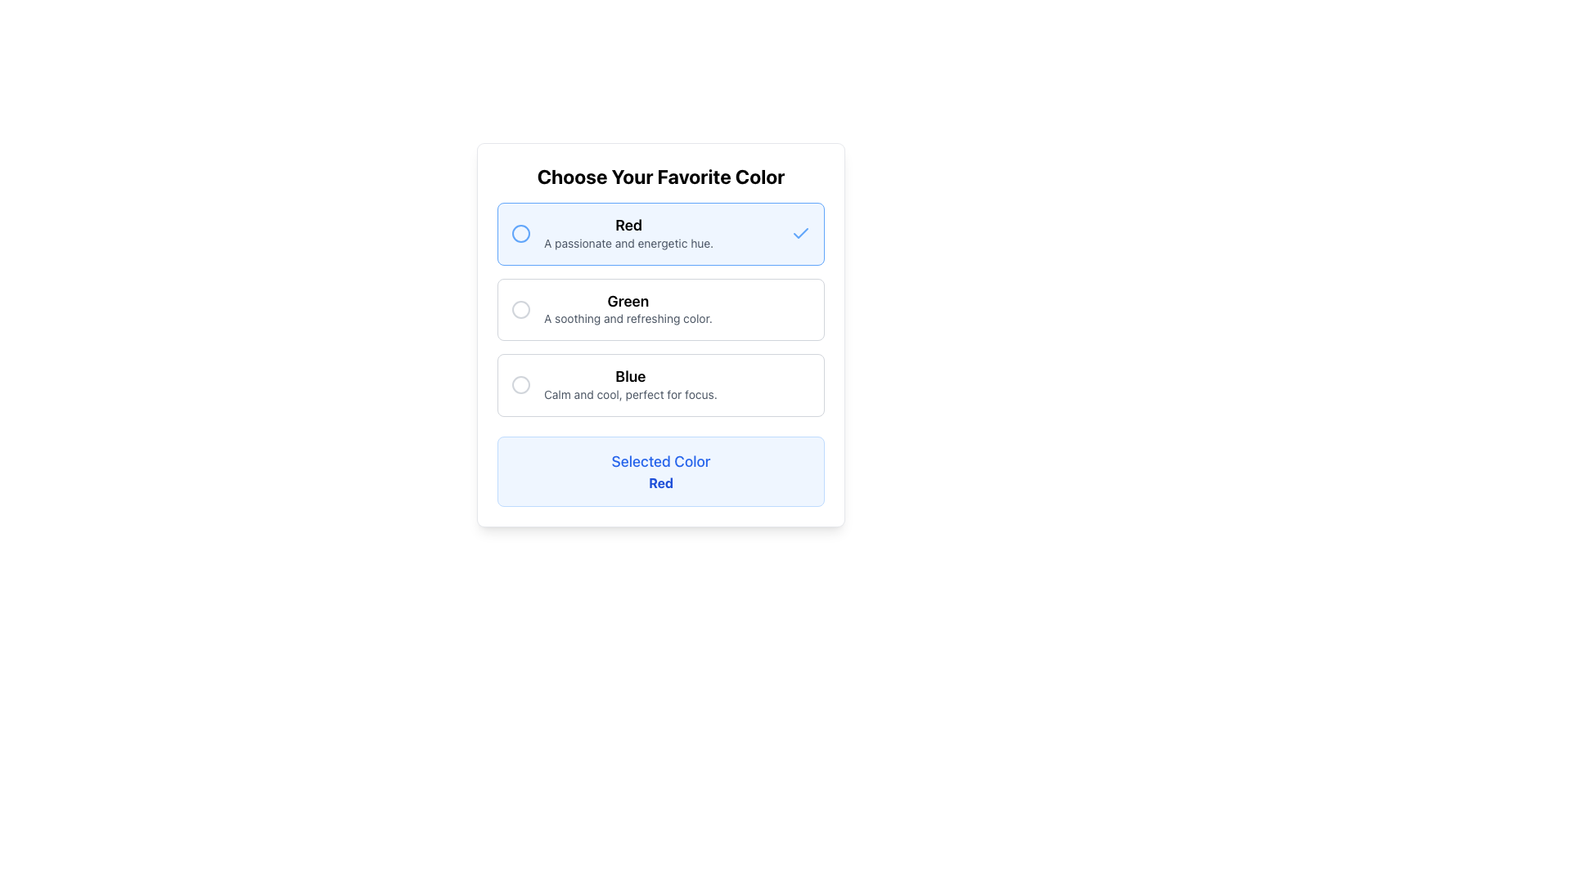 Image resolution: width=1571 pixels, height=883 pixels. Describe the element at coordinates (520, 384) in the screenshot. I see `the circular radio button icon located to the left of the 'Blue' option in the list, which is described as 'Calm and cool, perfect for focus.'` at that location.